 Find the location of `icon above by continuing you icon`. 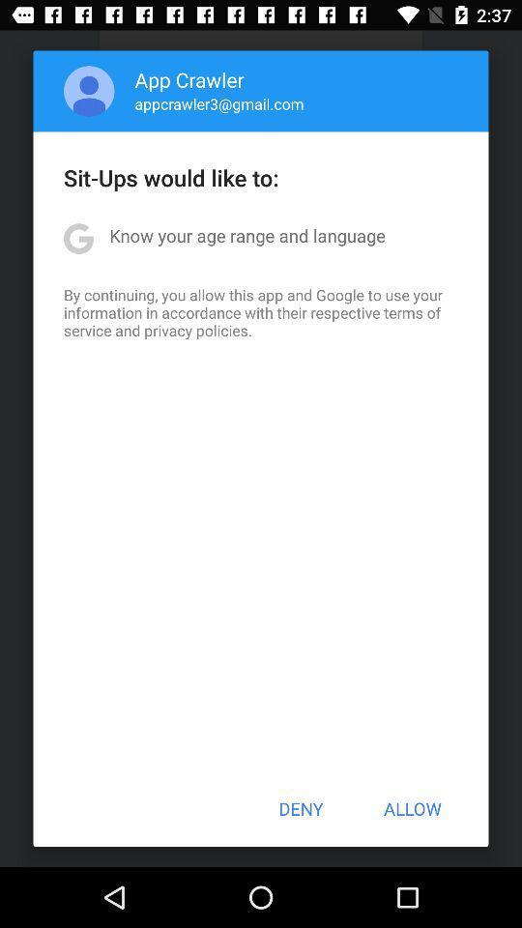

icon above by continuing you icon is located at coordinates (247, 234).